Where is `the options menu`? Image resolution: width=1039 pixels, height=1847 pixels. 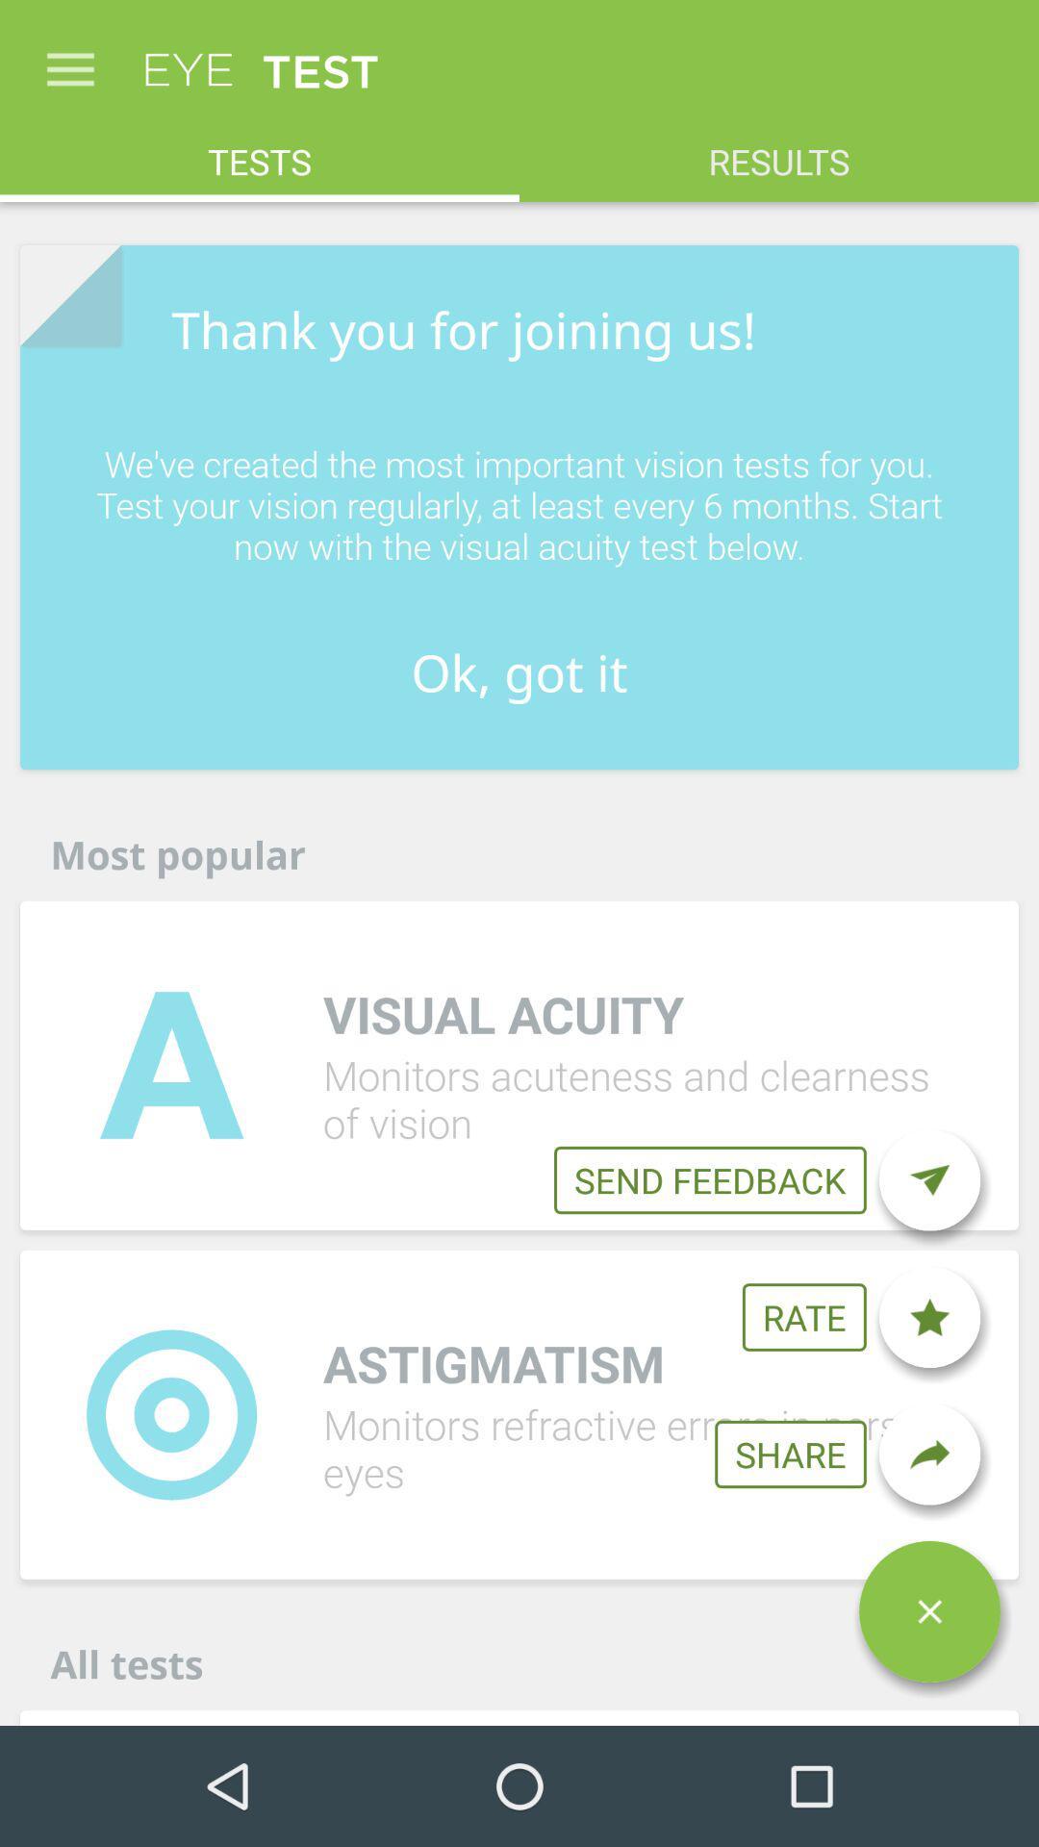
the options menu is located at coordinates (928, 1611).